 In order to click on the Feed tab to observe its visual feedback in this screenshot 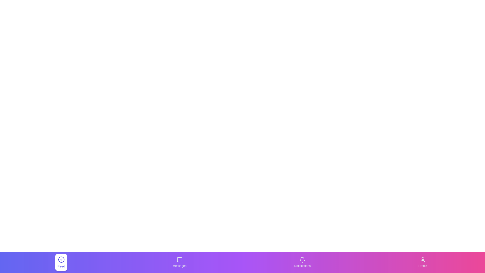, I will do `click(61, 262)`.